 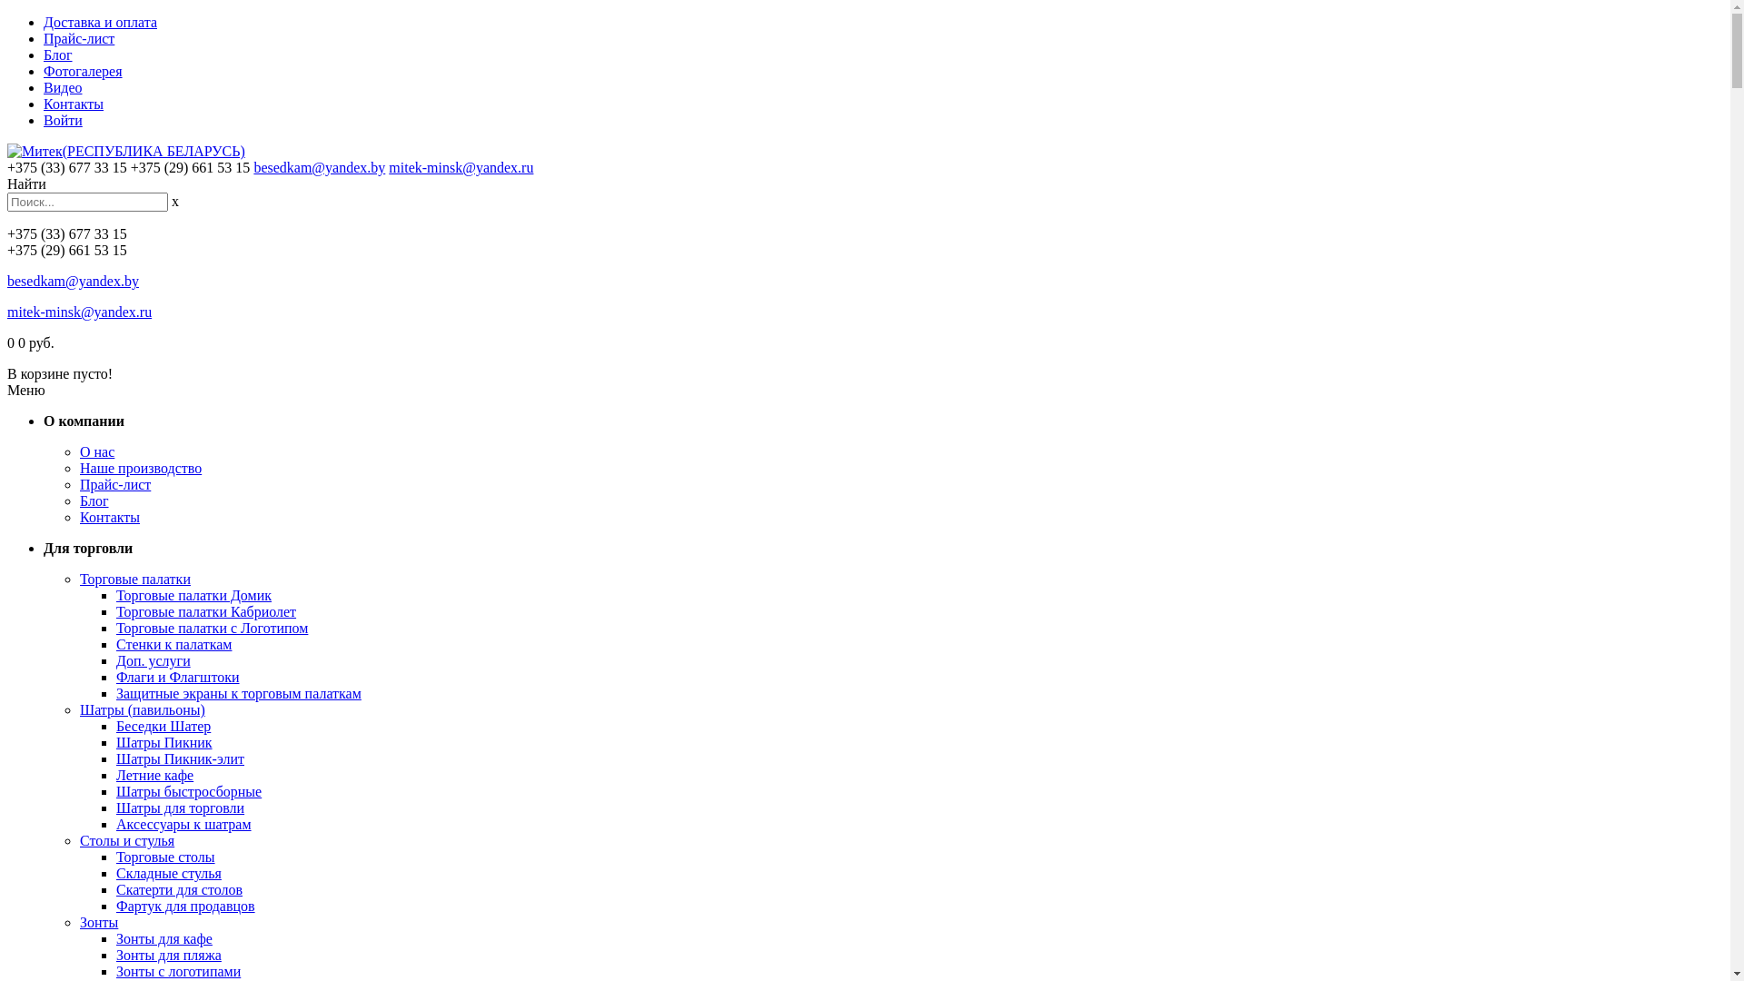 What do you see at coordinates (387, 167) in the screenshot?
I see `'mitek-minsk@yandex.ru'` at bounding box center [387, 167].